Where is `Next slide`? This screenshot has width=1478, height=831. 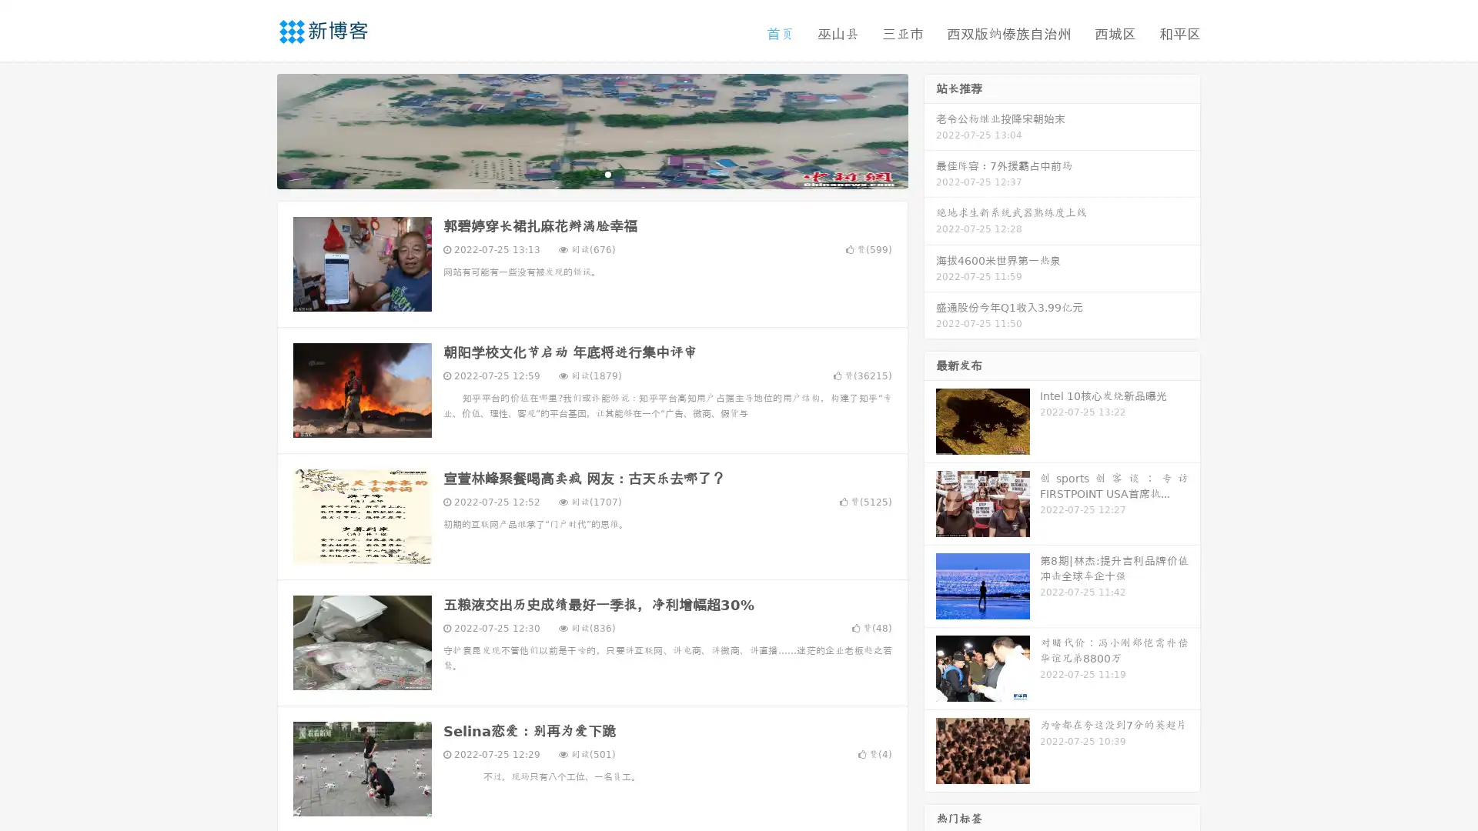
Next slide is located at coordinates (930, 129).